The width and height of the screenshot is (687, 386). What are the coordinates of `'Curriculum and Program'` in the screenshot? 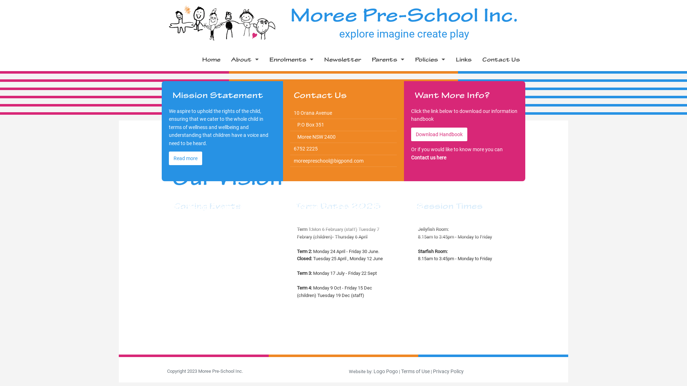 It's located at (388, 155).